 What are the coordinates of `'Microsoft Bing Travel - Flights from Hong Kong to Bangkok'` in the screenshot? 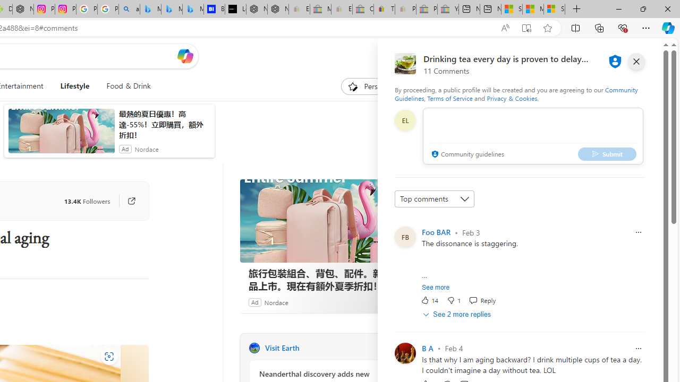 It's located at (150, 9).